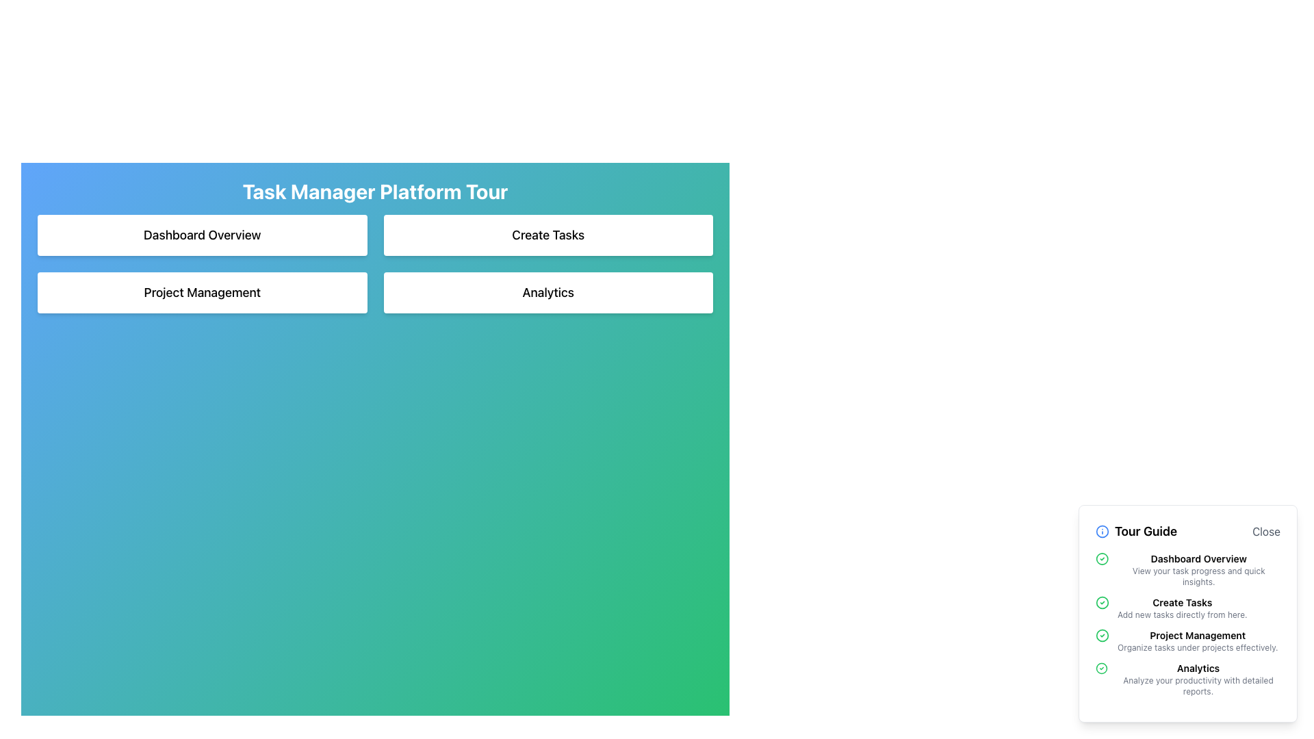  Describe the element at coordinates (1198, 686) in the screenshot. I see `the text label styled in a smaller gray font that reads 'Analyze your productivity with detailed reports,' located beneath the title 'Analytics' in the pop-up guide` at that location.